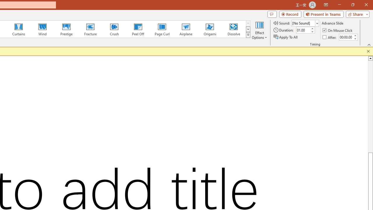 The height and width of the screenshot is (210, 373). What do you see at coordinates (210, 29) in the screenshot?
I see `'Origami'` at bounding box center [210, 29].